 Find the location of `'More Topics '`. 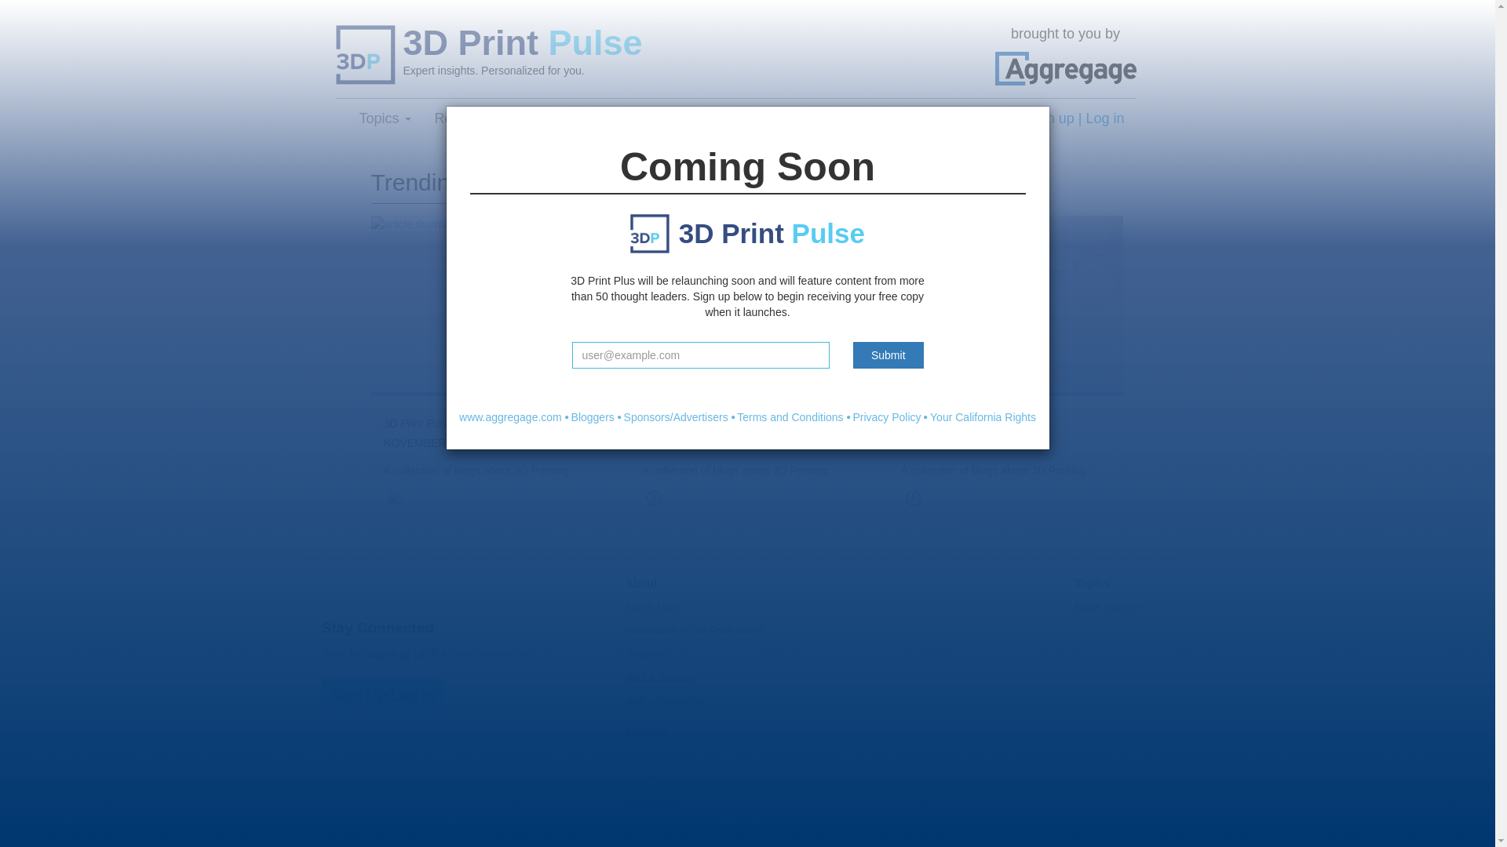

'More Topics ' is located at coordinates (1107, 606).